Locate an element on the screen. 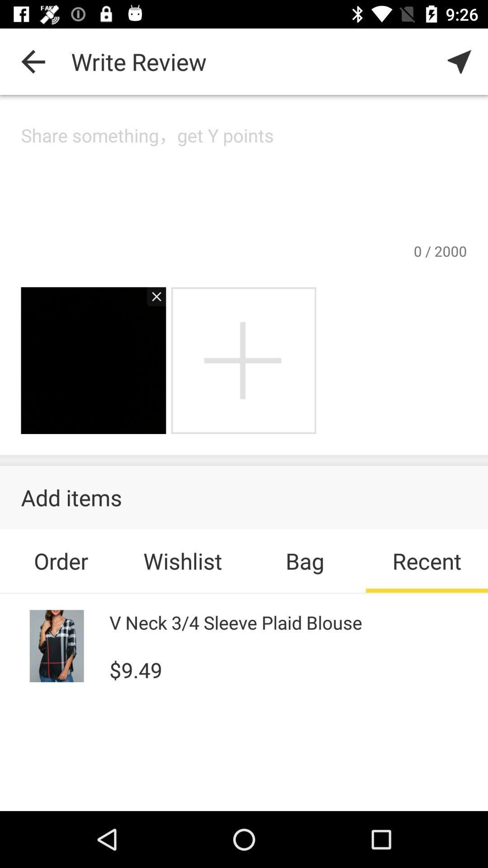 This screenshot has height=868, width=488. the item next to the write review app is located at coordinates (33, 61).